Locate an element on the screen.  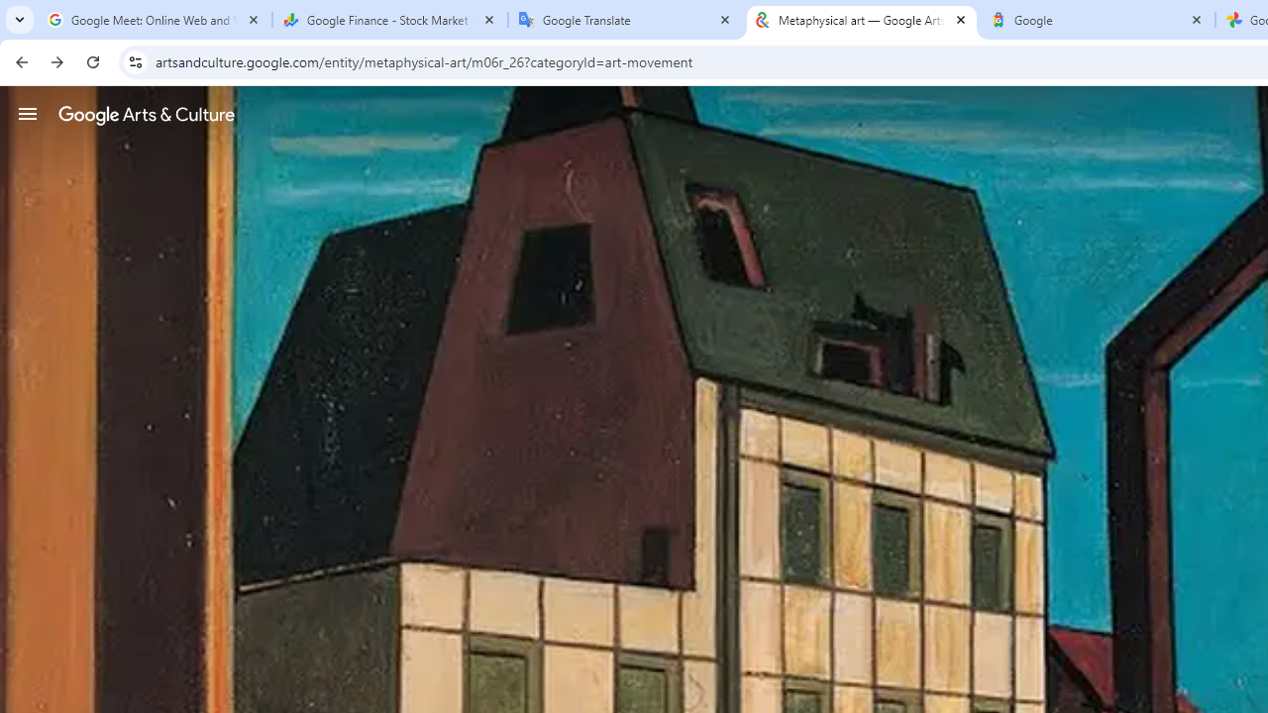
'Reload' is located at coordinates (92, 60).